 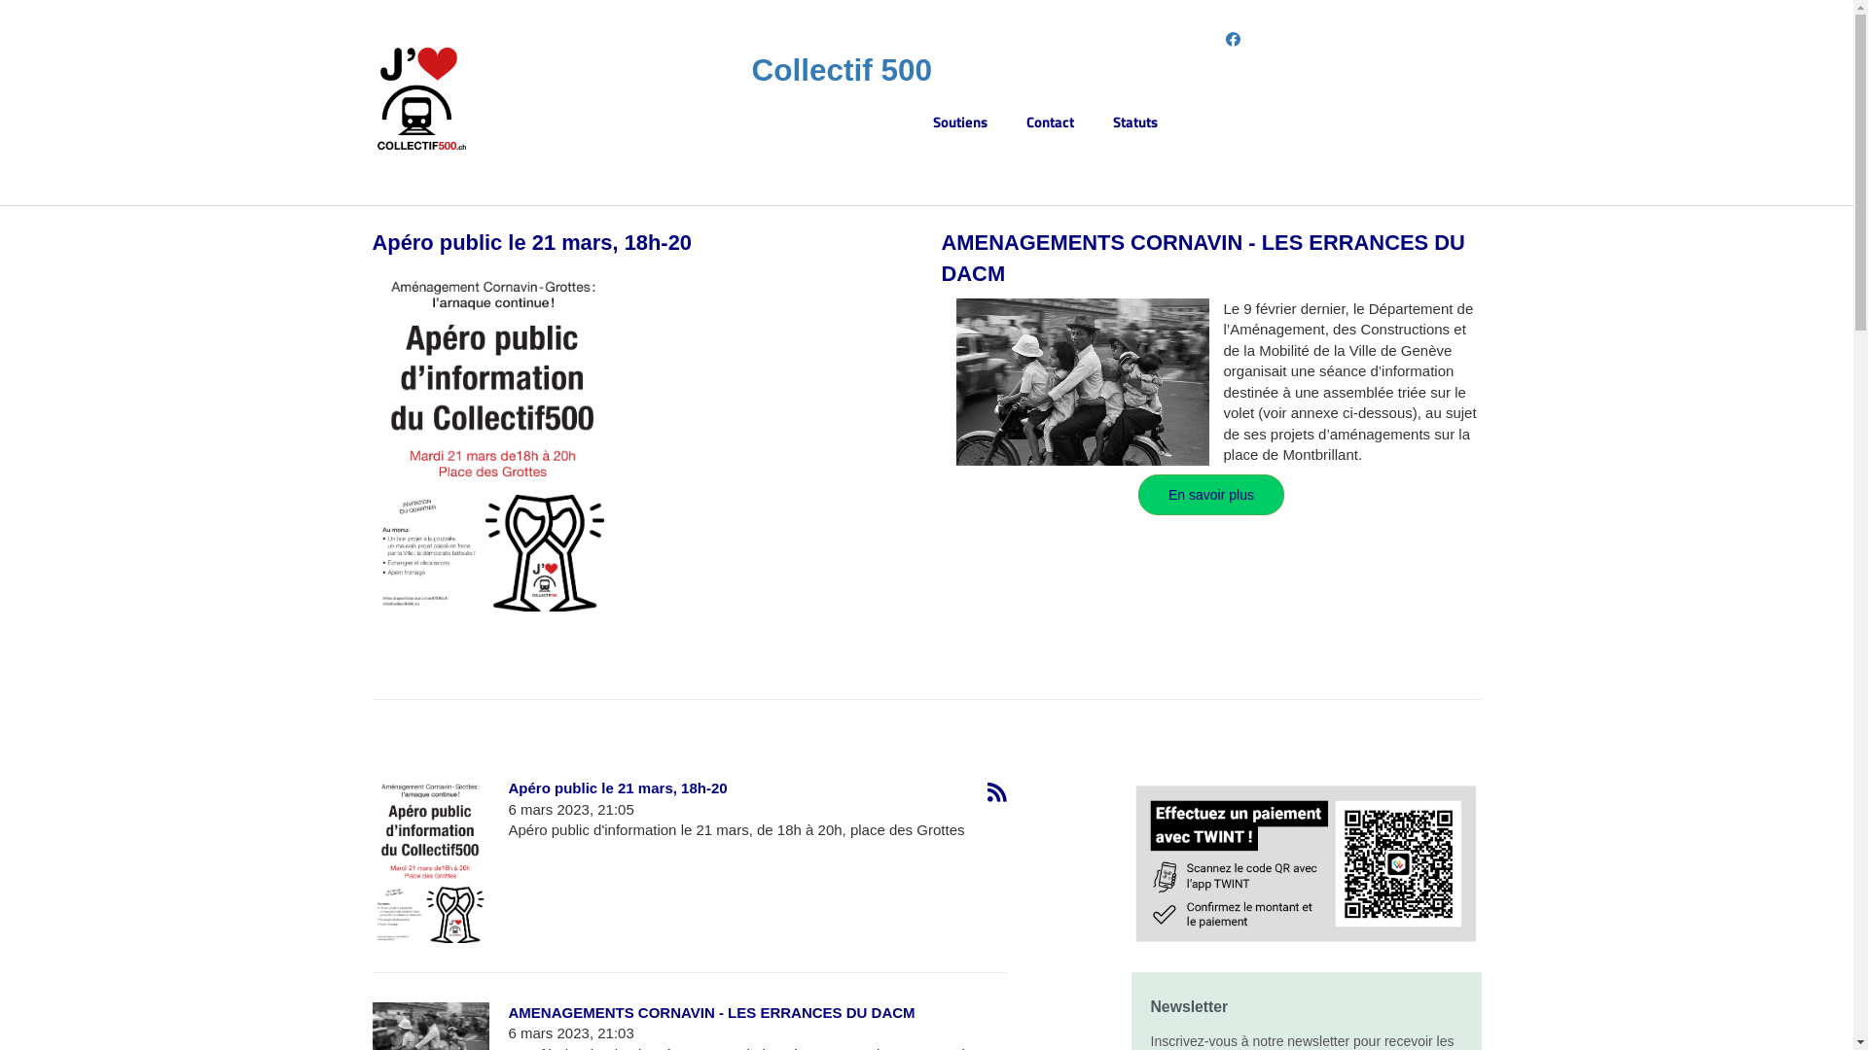 I want to click on 'Facebook', so click(x=1224, y=39).